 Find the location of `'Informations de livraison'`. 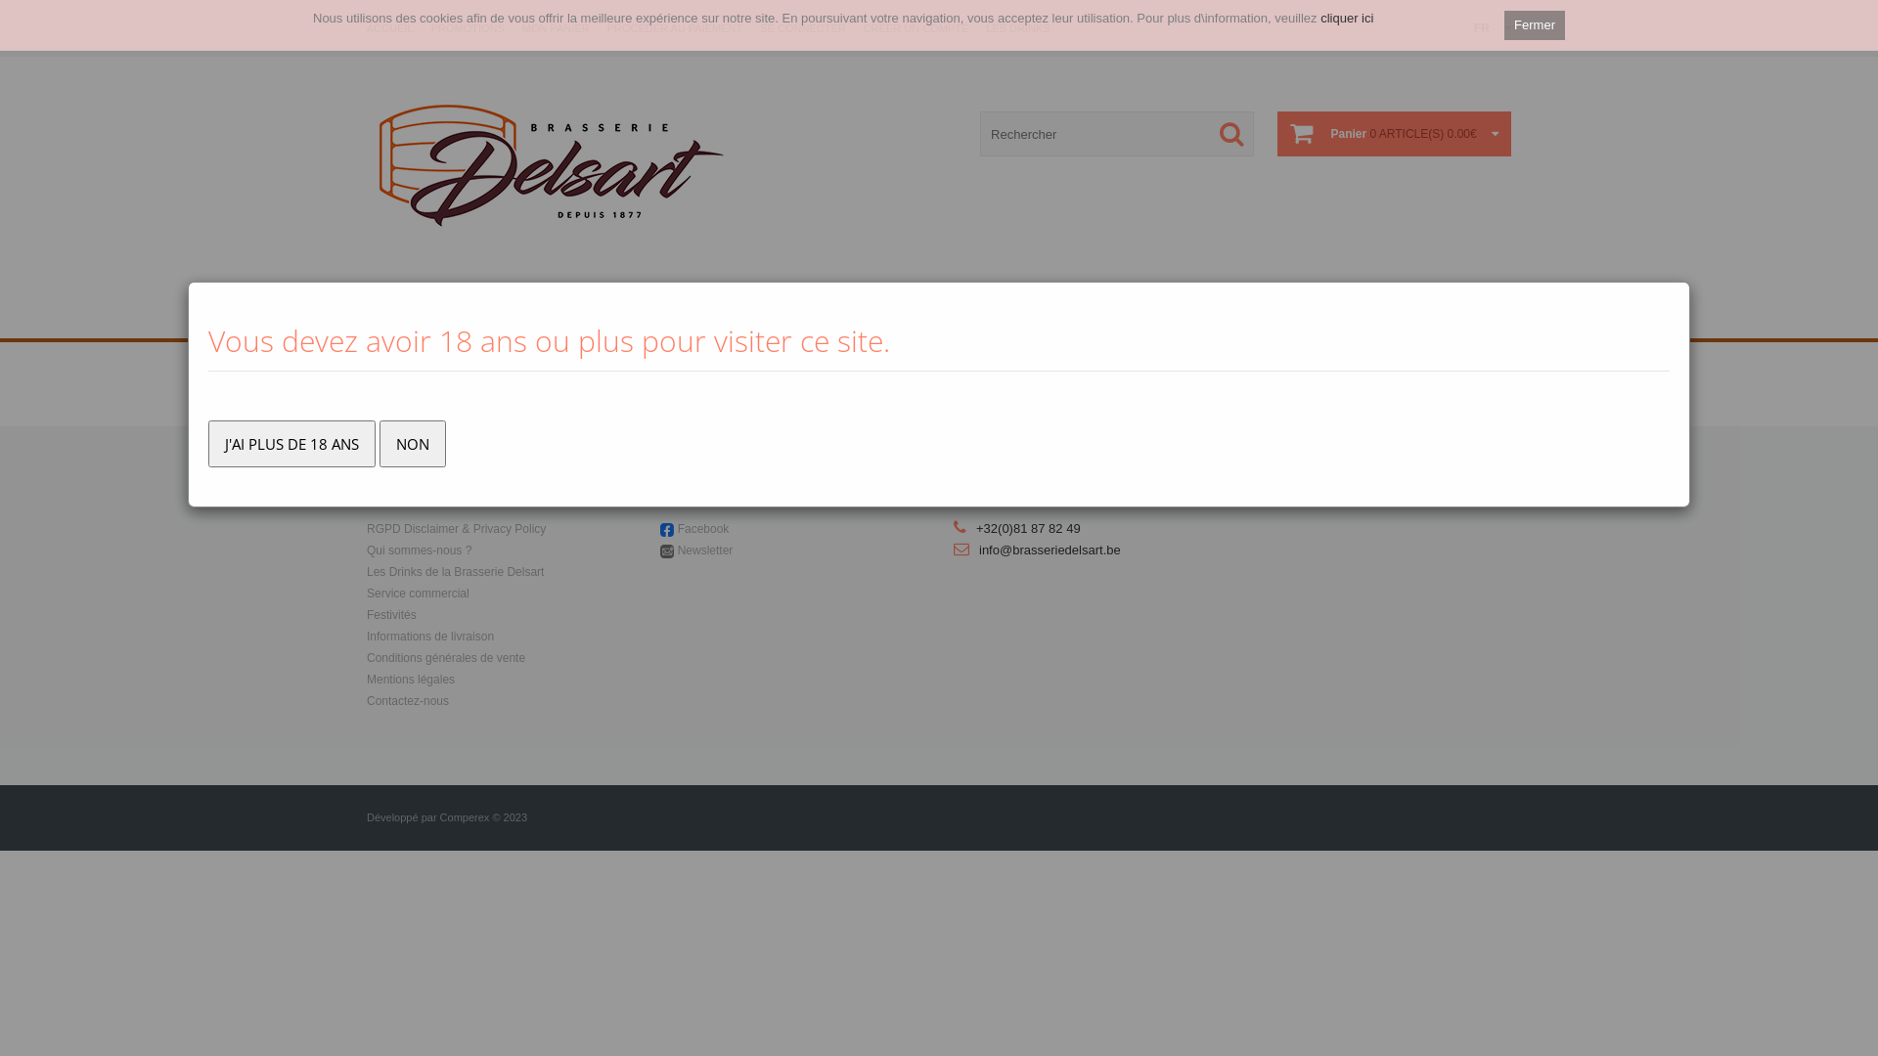

'Informations de livraison' is located at coordinates (366, 637).